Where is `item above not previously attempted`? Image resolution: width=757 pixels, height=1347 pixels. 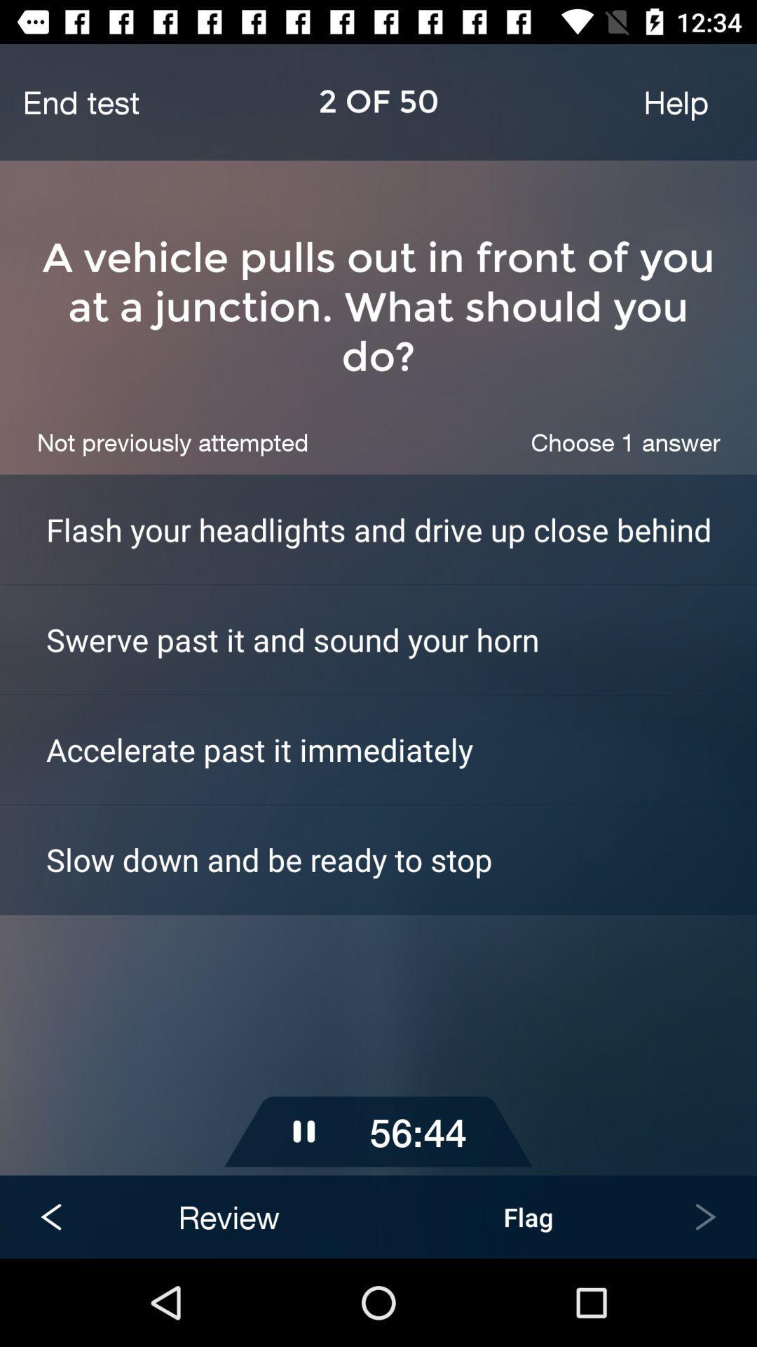
item above not previously attempted is located at coordinates (378, 307).